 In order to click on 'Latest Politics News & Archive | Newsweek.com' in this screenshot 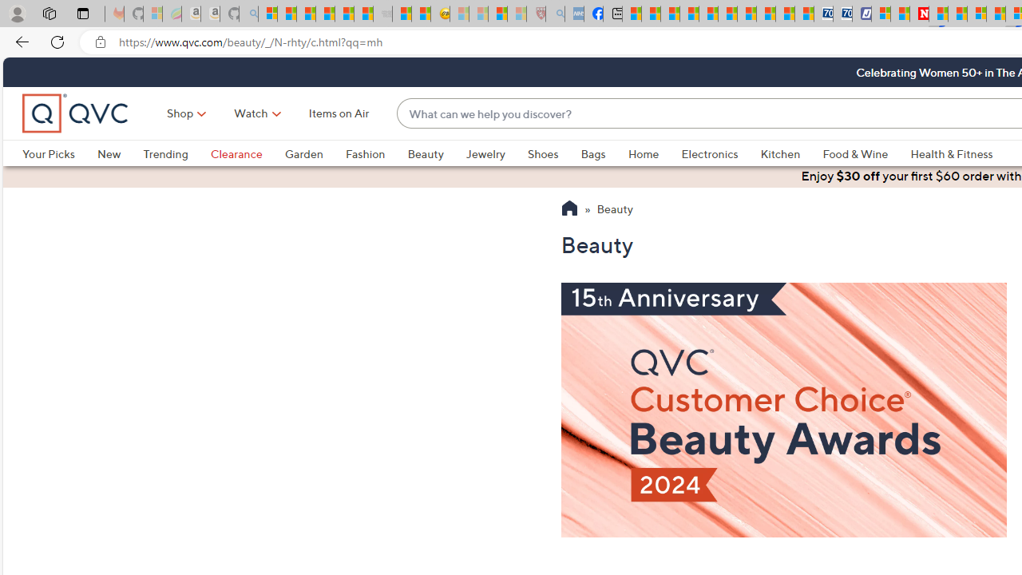, I will do `click(920, 14)`.